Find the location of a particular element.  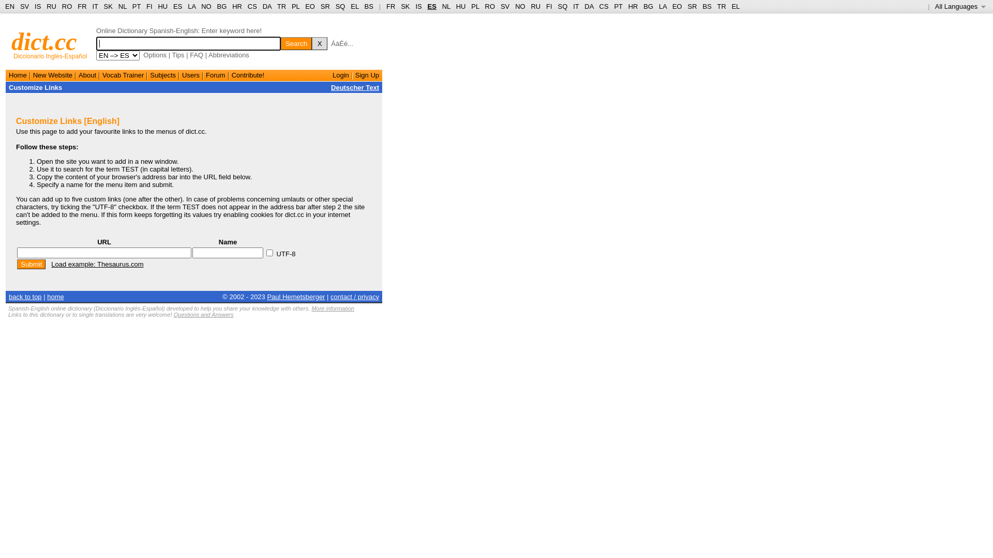

'PL' is located at coordinates (295, 6).